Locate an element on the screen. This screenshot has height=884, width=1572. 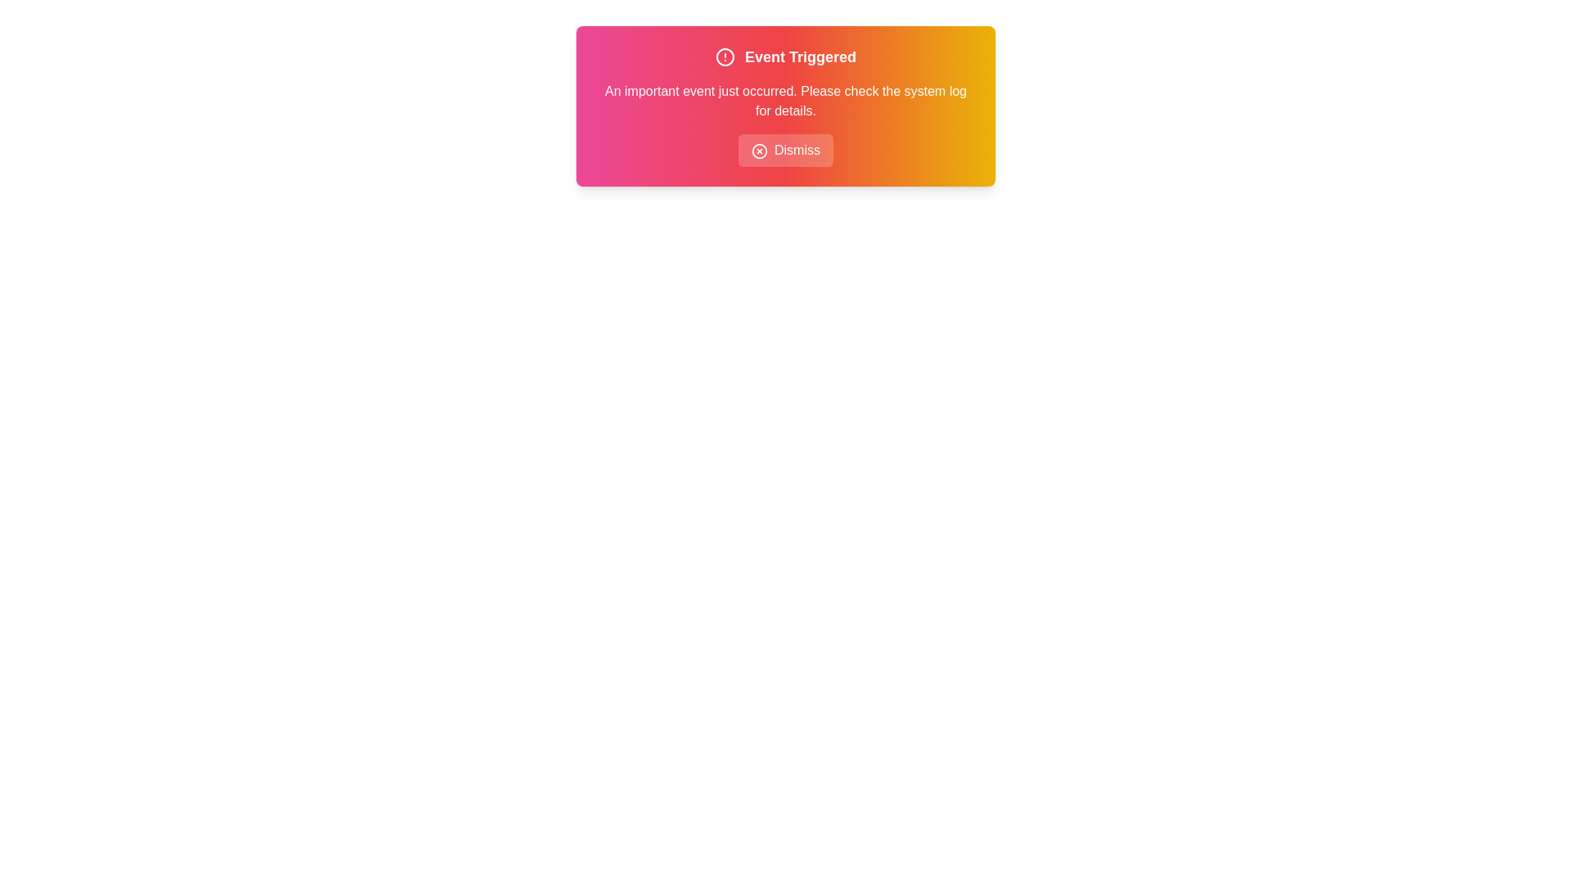
the informational Text Label located below the 'Event Triggered' title and above the dismiss button is located at coordinates (786, 101).